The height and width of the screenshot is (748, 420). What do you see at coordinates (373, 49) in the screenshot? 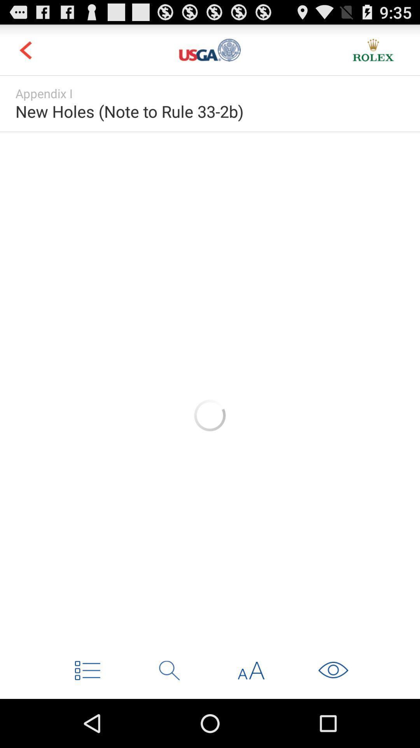
I see `advertisement for rolex` at bounding box center [373, 49].